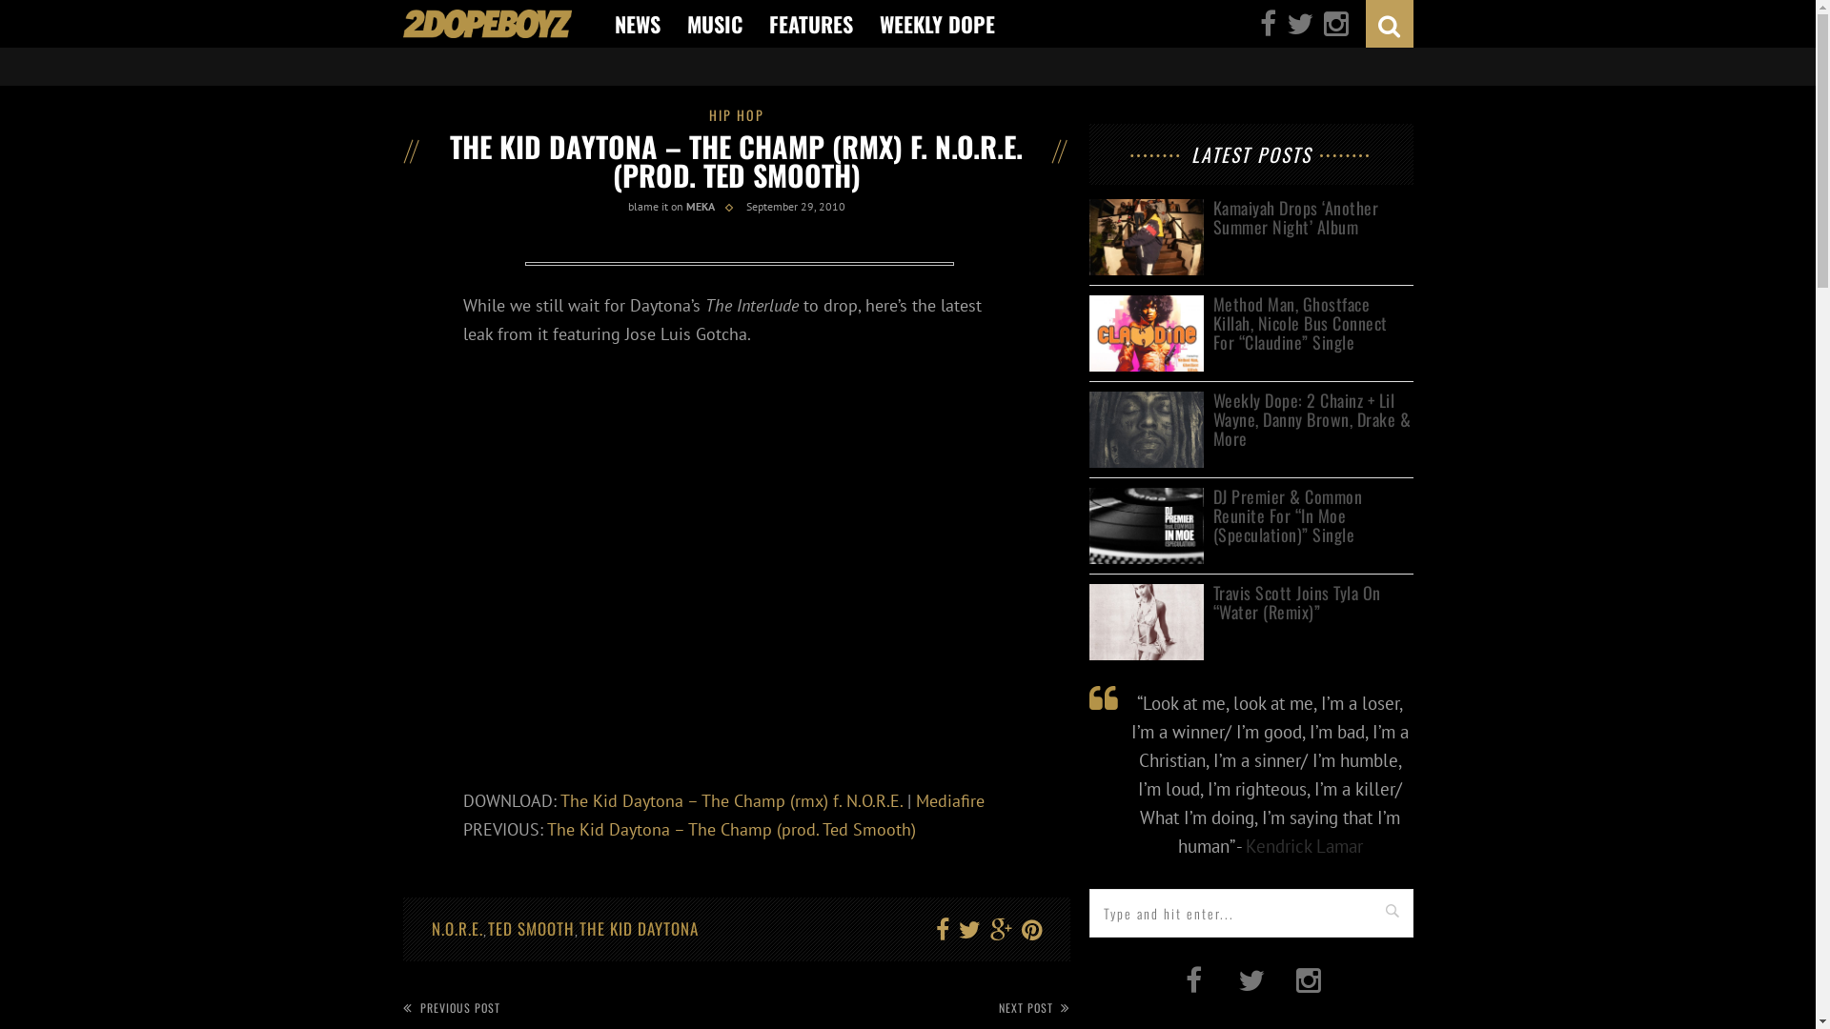 The height and width of the screenshot is (1029, 1830). What do you see at coordinates (456, 927) in the screenshot?
I see `'N.O.R.E.'` at bounding box center [456, 927].